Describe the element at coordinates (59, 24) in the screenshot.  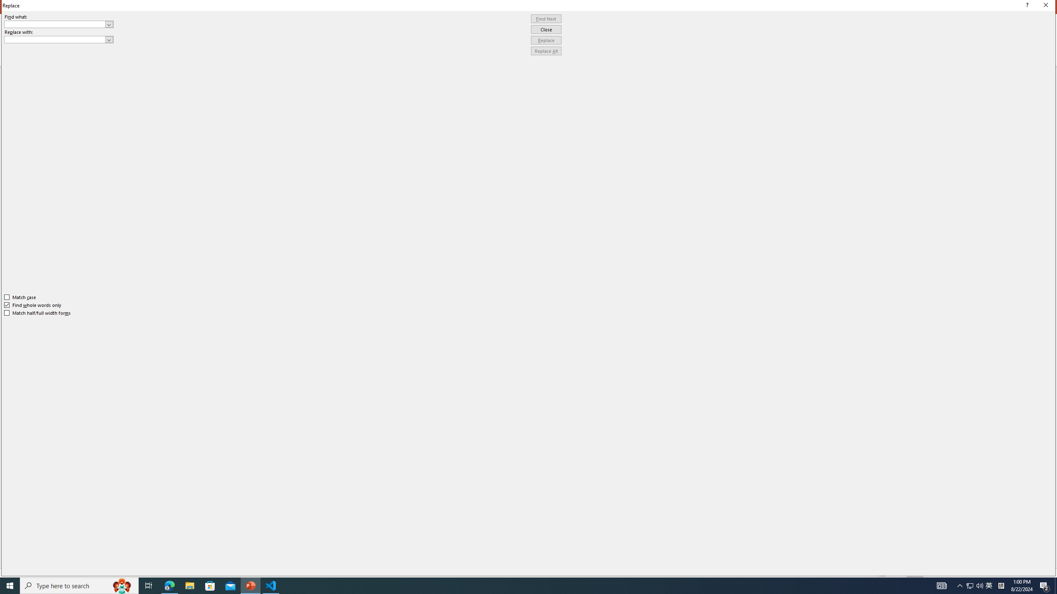
I see `'Find what'` at that location.